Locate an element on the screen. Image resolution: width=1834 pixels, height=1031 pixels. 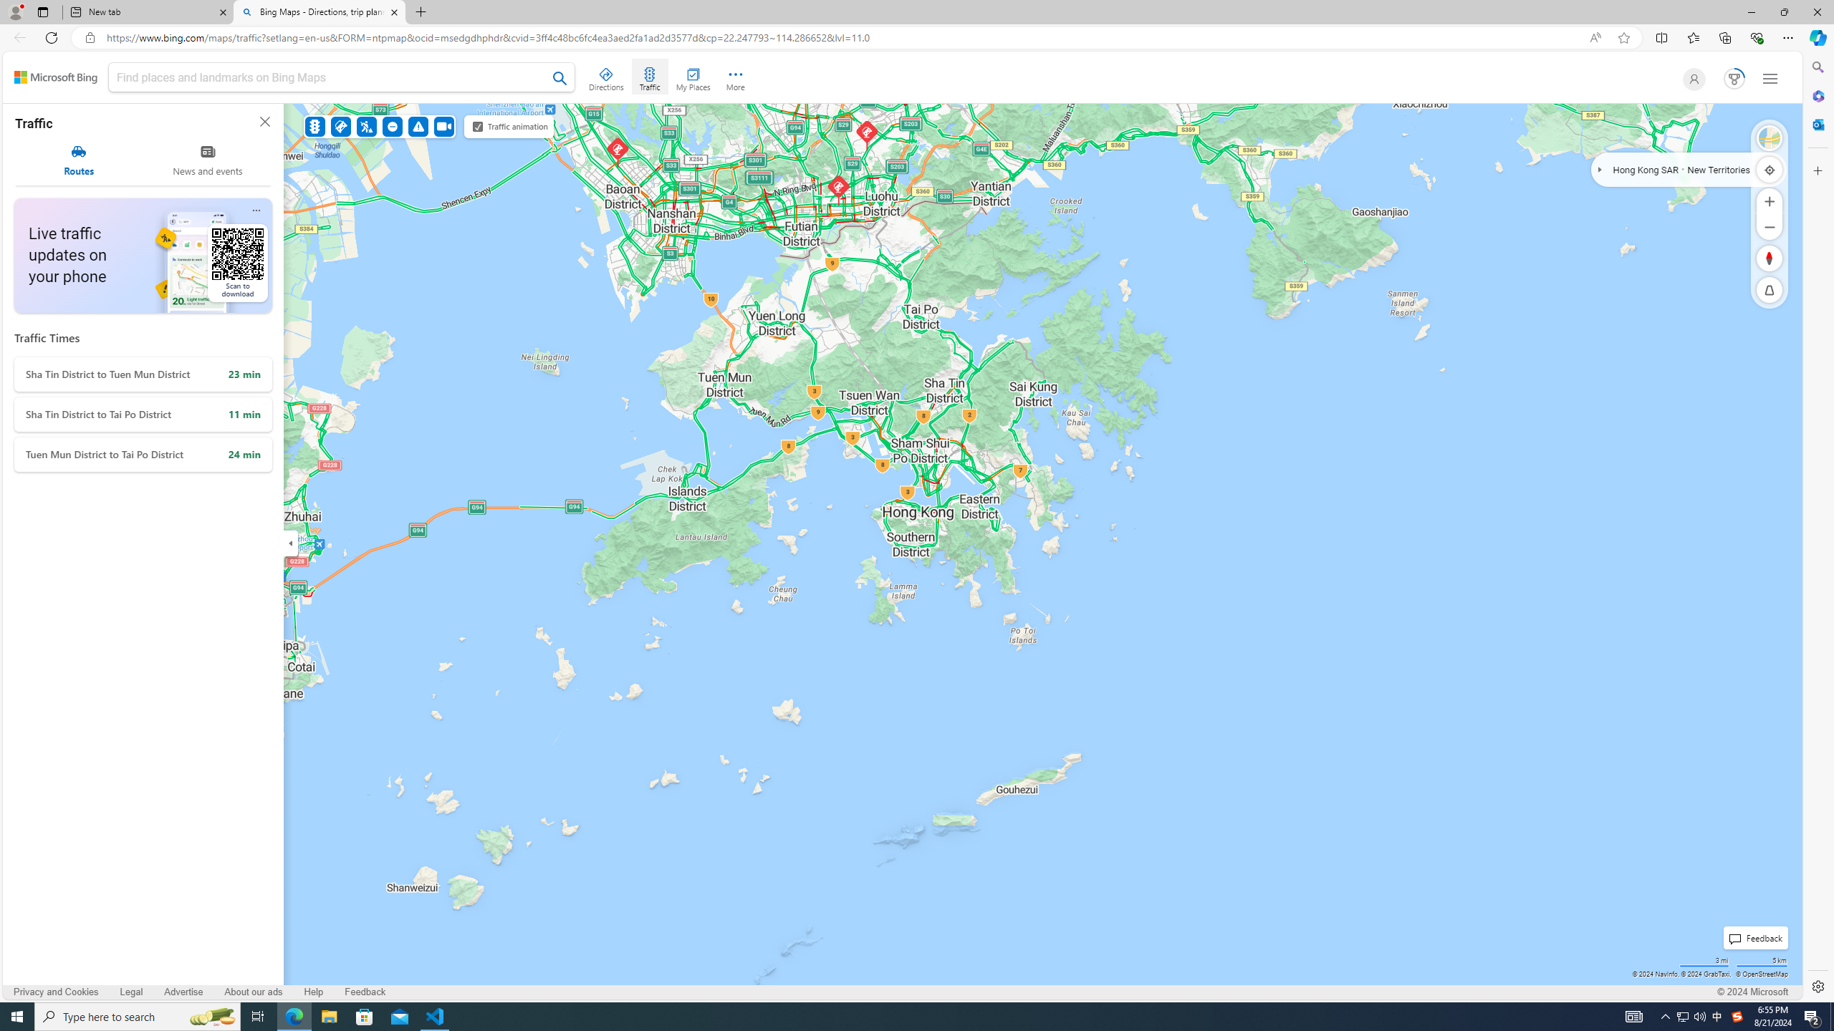
'More' is located at coordinates (735, 77).